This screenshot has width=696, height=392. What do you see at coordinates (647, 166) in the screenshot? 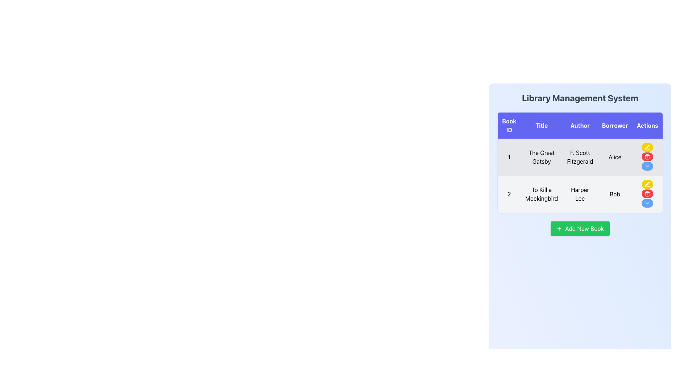
I see `the rounded blue button with a white chevron-down icon located at the bottom right of the 'Actions' column for the first row in the book details table` at bounding box center [647, 166].